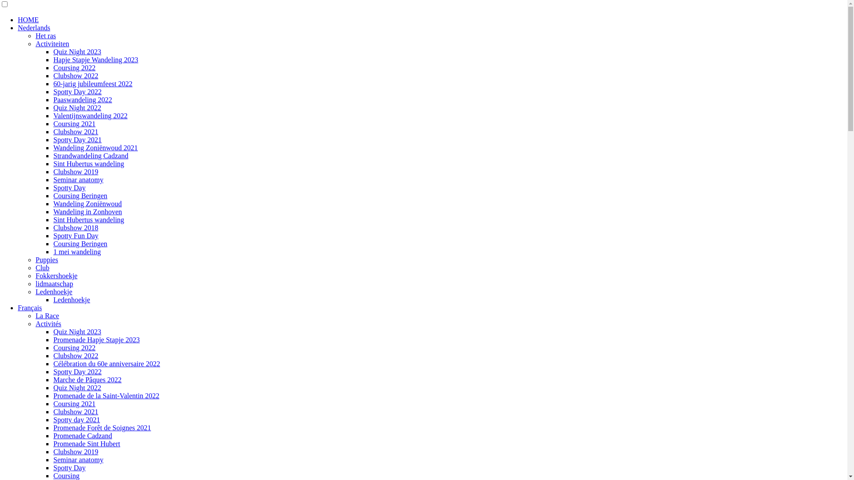 Image resolution: width=854 pixels, height=480 pixels. I want to click on 'Wandeling in Zonhoven', so click(87, 212).